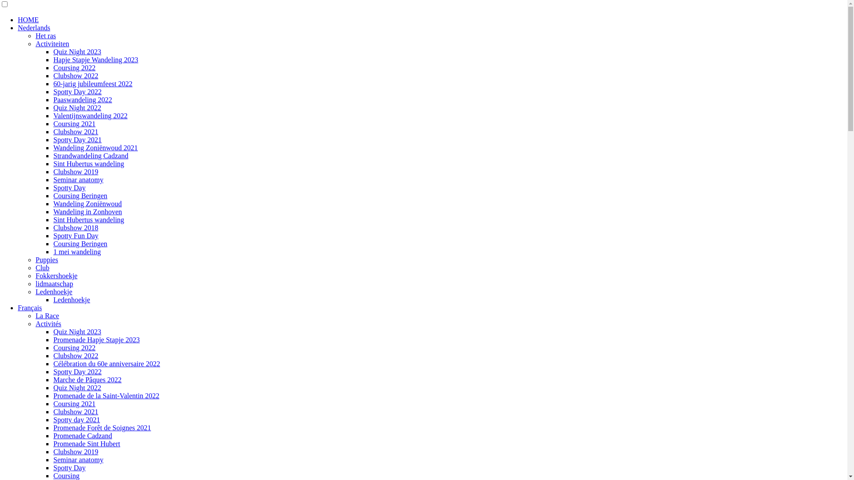 Image resolution: width=854 pixels, height=480 pixels. I want to click on 'Wandeling in Zonhoven', so click(87, 212).